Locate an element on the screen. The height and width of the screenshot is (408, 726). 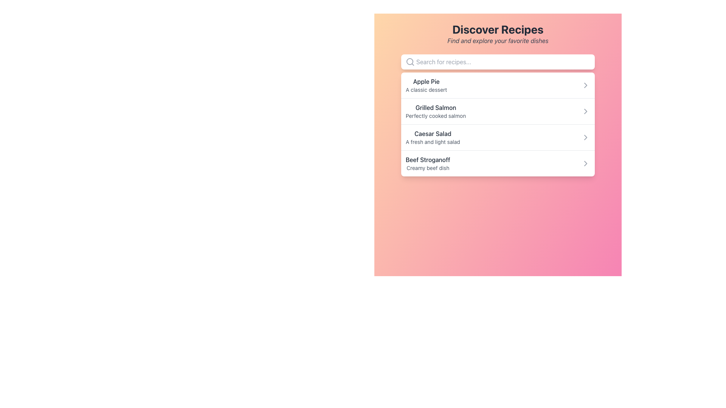
the Text Label displaying 'A fresh and light salad', which is styled in gray and located beneath the 'Caesar Salad' text is located at coordinates (433, 142).